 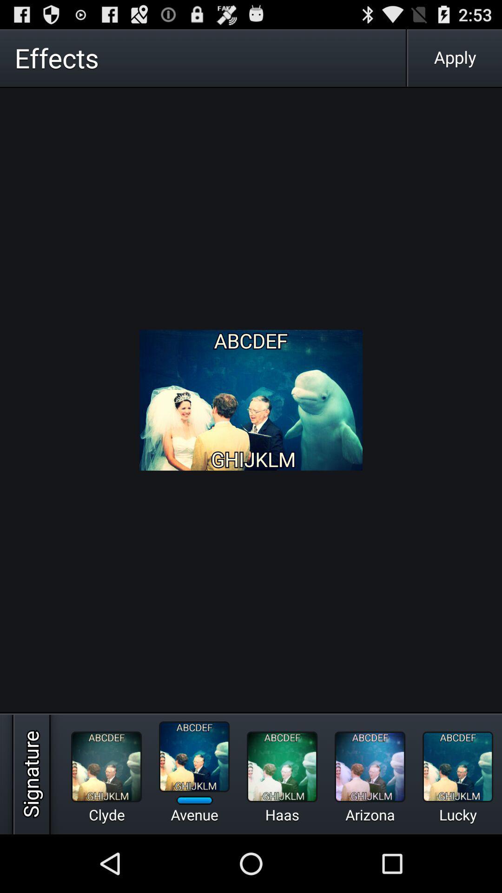 What do you see at coordinates (455, 57) in the screenshot?
I see `apply item` at bounding box center [455, 57].